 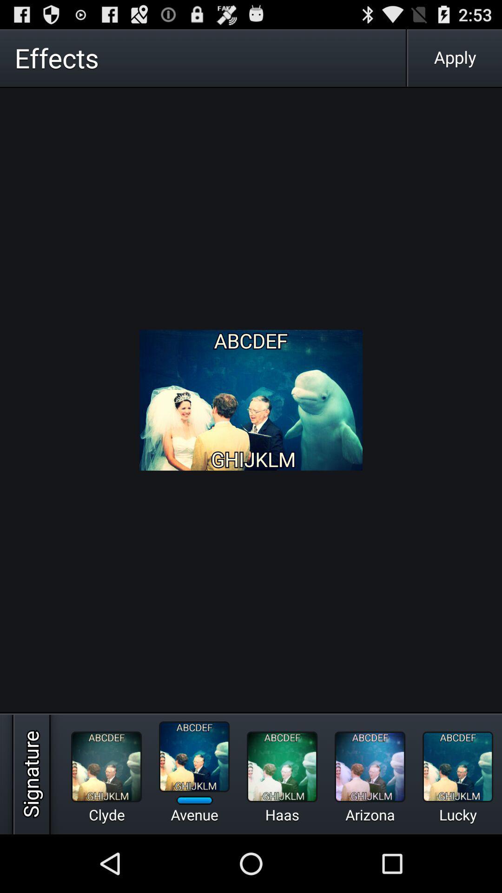 What do you see at coordinates (455, 57) in the screenshot?
I see `apply item` at bounding box center [455, 57].